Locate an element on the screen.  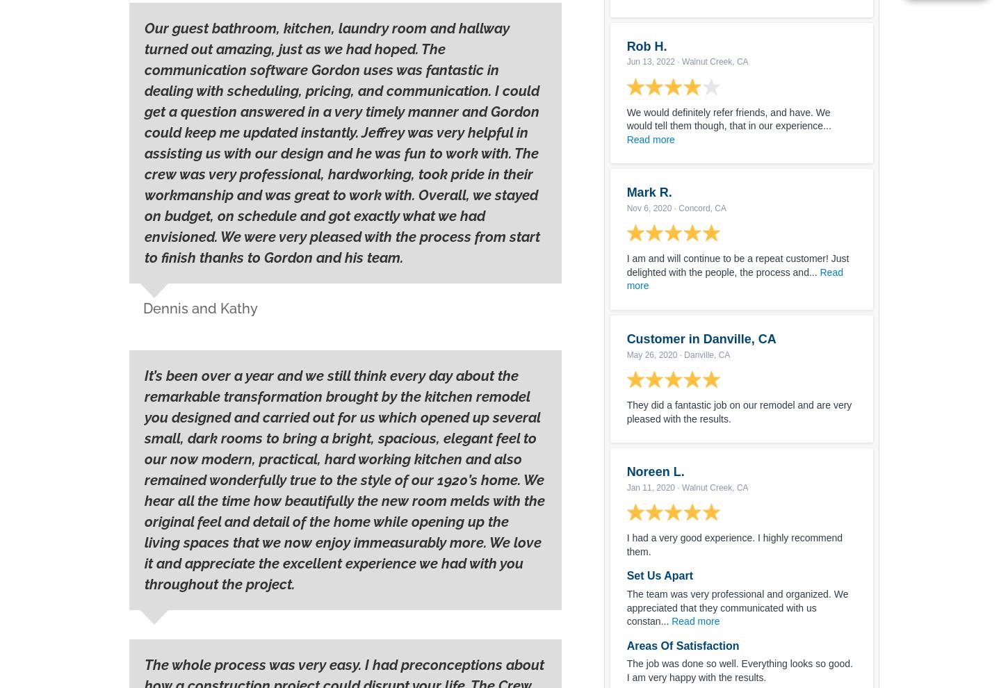
'It’s been over a year and we still think every day about the remarkable transformation brought by the kitch﻿en remodel you designed and carried out for us which opened up several small, dark rooms to bring a bright, spacious, elegant feel to our now modern, practical, hard working kitchen and also remained wonderfully true to the style of our 1920’s home. We hear all the time how beautifully the new room melds with the original feel and detail of the home while opening up the living spaces that we now enjoy immeasurably more. We love it and appreciate the excellent experience we had with you throughout the project.' is located at coordinates (345, 480).